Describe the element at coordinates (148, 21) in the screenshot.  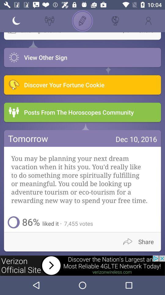
I see `the profile icon` at that location.